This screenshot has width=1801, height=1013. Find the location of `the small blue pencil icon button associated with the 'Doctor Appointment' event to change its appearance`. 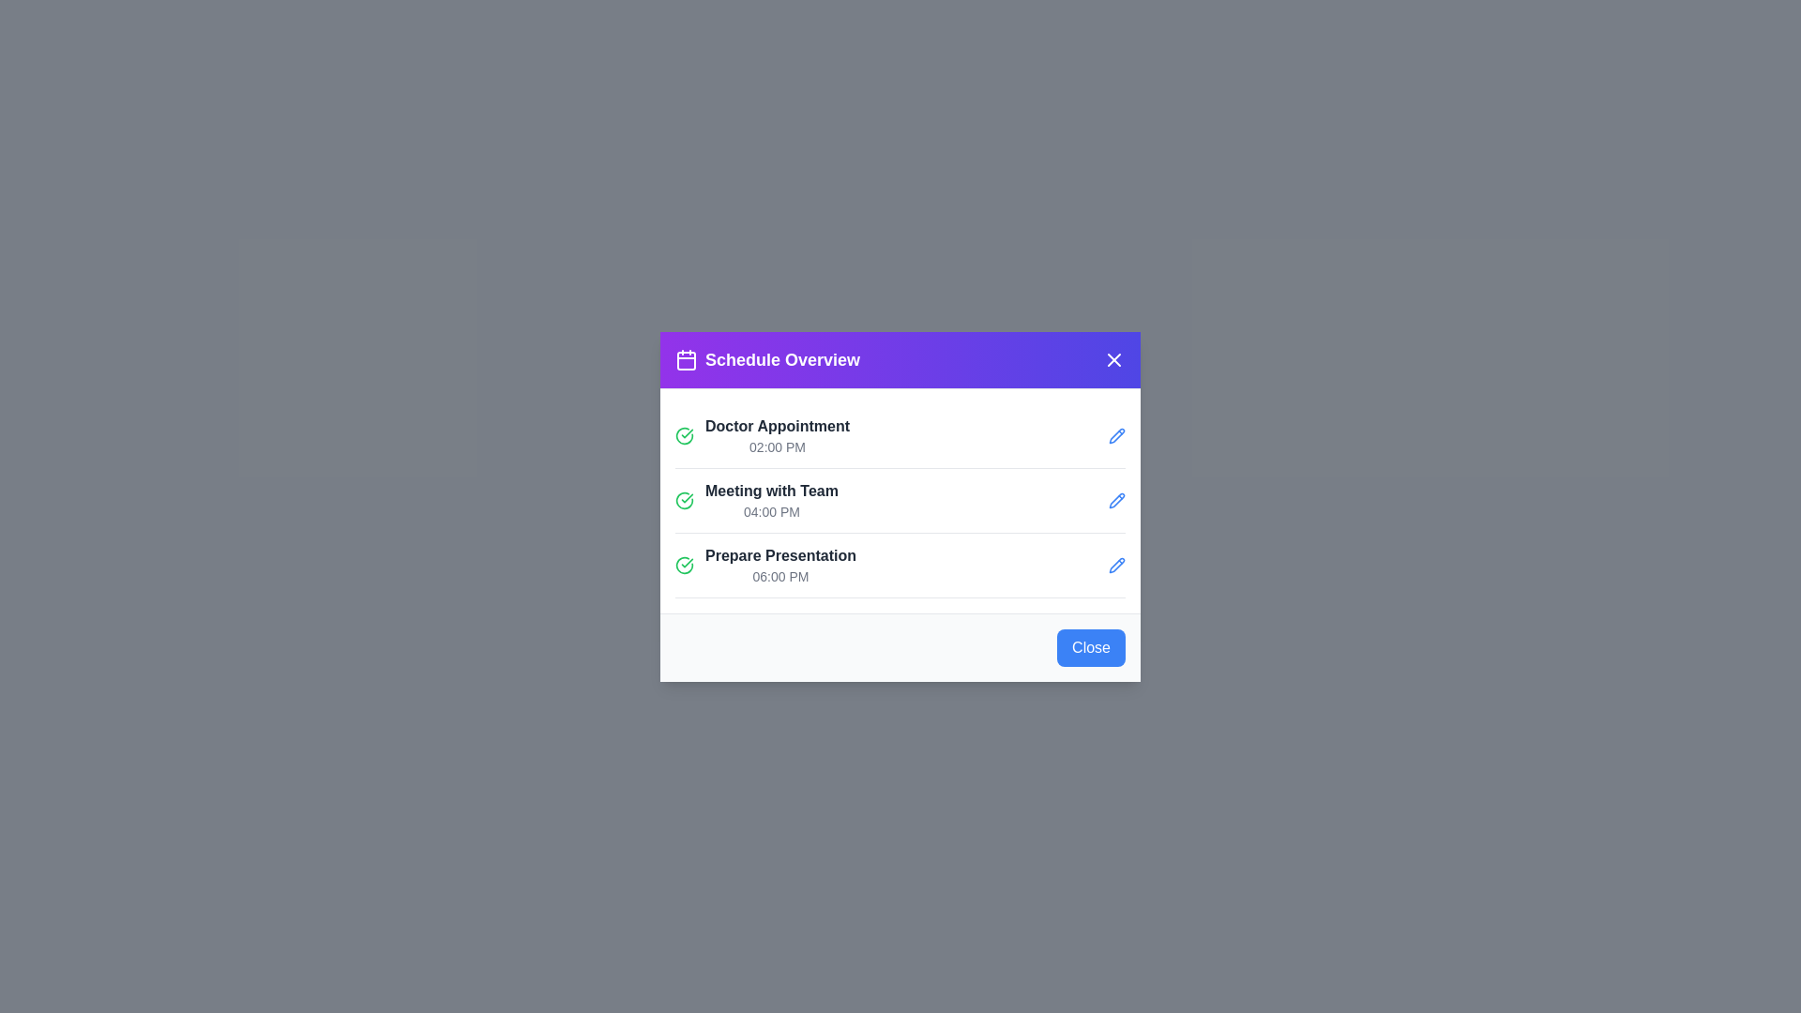

the small blue pencil icon button associated with the 'Doctor Appointment' event to change its appearance is located at coordinates (1116, 435).